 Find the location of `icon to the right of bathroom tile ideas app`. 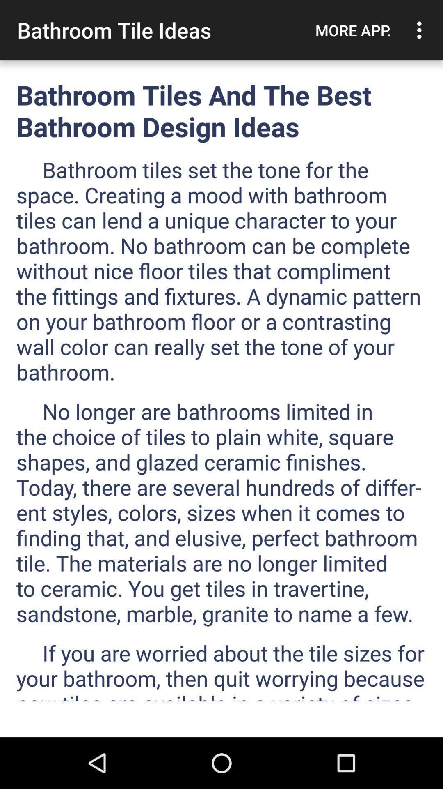

icon to the right of bathroom tile ideas app is located at coordinates (353, 30).